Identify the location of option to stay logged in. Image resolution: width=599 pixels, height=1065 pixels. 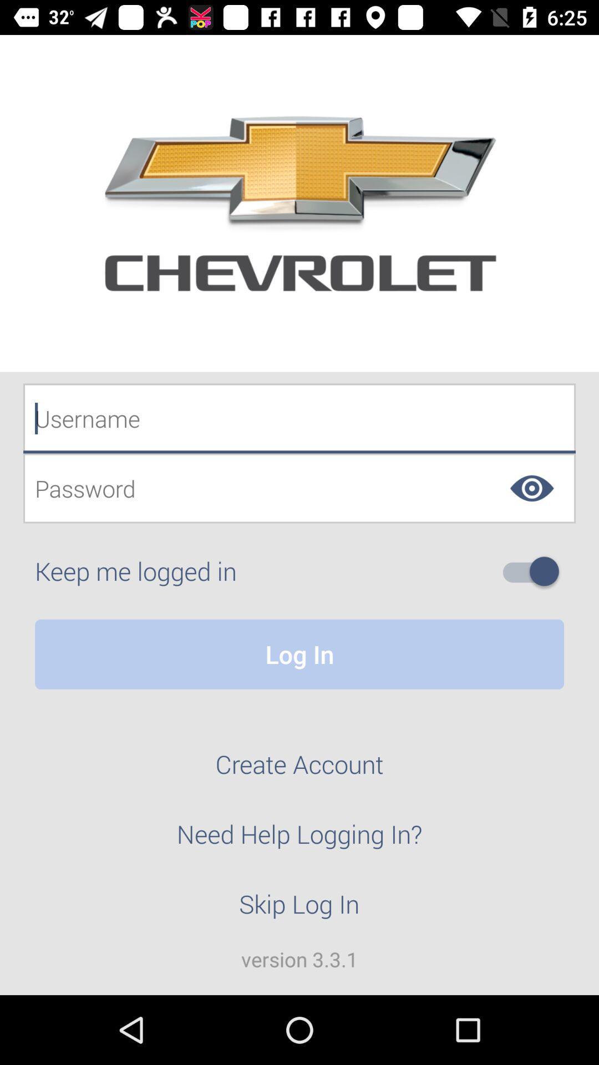
(535, 571).